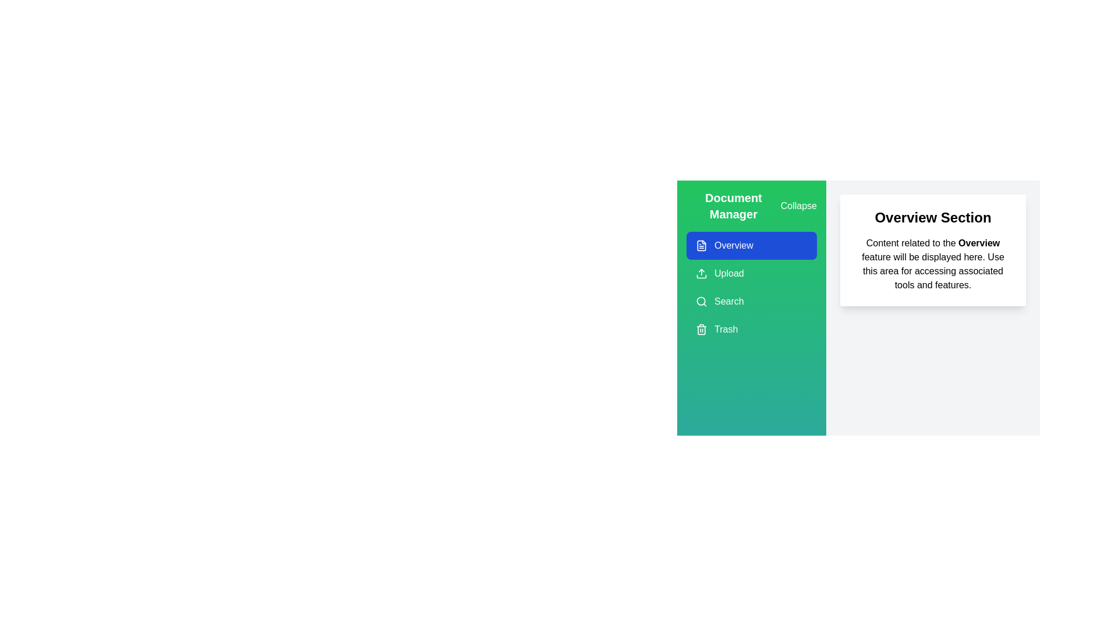 The width and height of the screenshot is (1118, 629). What do you see at coordinates (752, 301) in the screenshot?
I see `the menu option Search in the Document Management Drawer` at bounding box center [752, 301].